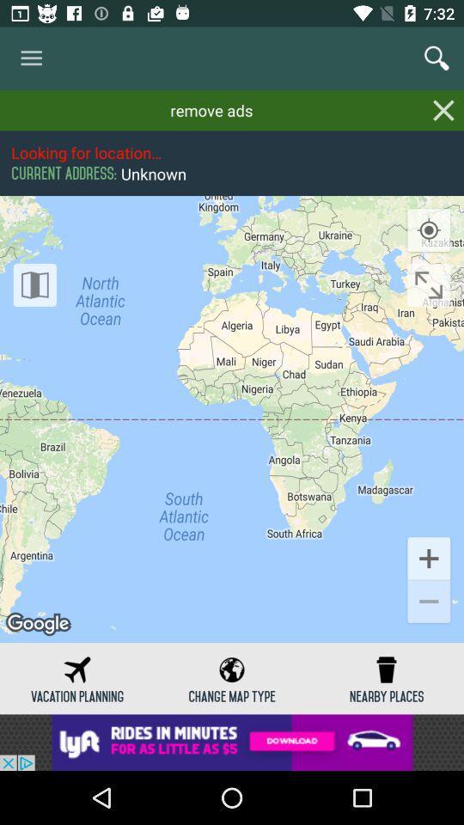 The image size is (464, 825). Describe the element at coordinates (443, 109) in the screenshot. I see `remove the advertisements` at that location.